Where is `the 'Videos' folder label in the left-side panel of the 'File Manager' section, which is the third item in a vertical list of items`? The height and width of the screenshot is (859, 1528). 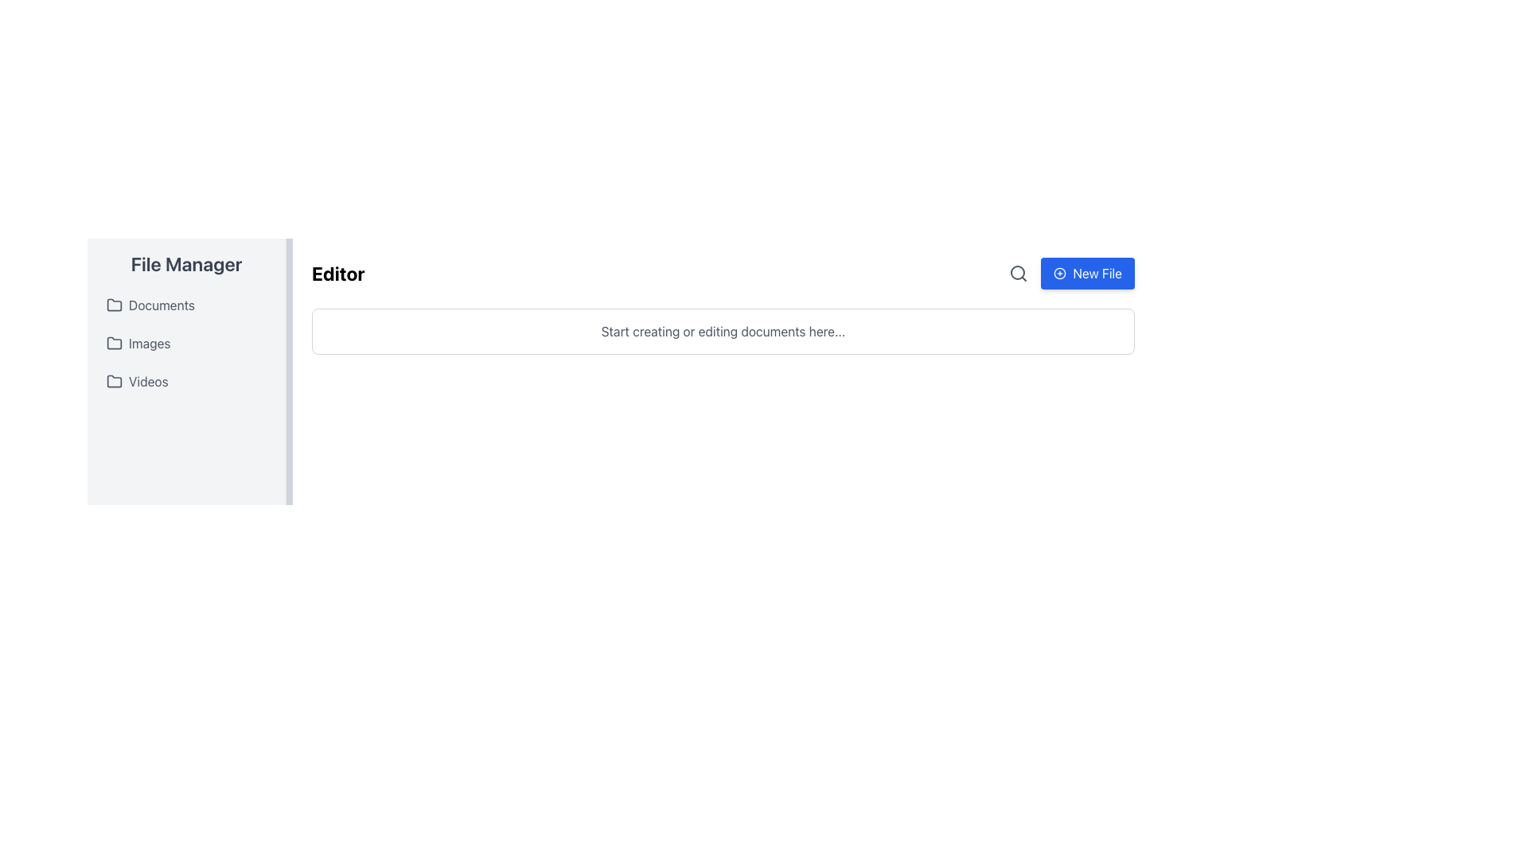 the 'Videos' folder label in the left-side panel of the 'File Manager' section, which is the third item in a vertical list of items is located at coordinates (148, 381).